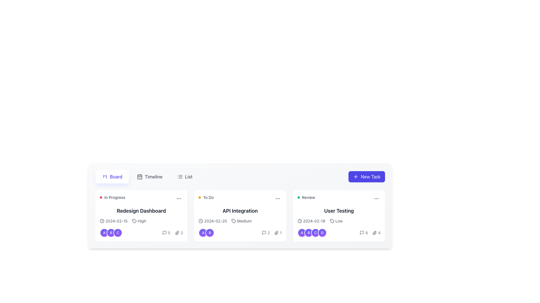 This screenshot has height=303, width=540. What do you see at coordinates (102, 221) in the screenshot?
I see `the clock icon located at the bottom-left of the 'Redesign Dashboard' task card` at bounding box center [102, 221].